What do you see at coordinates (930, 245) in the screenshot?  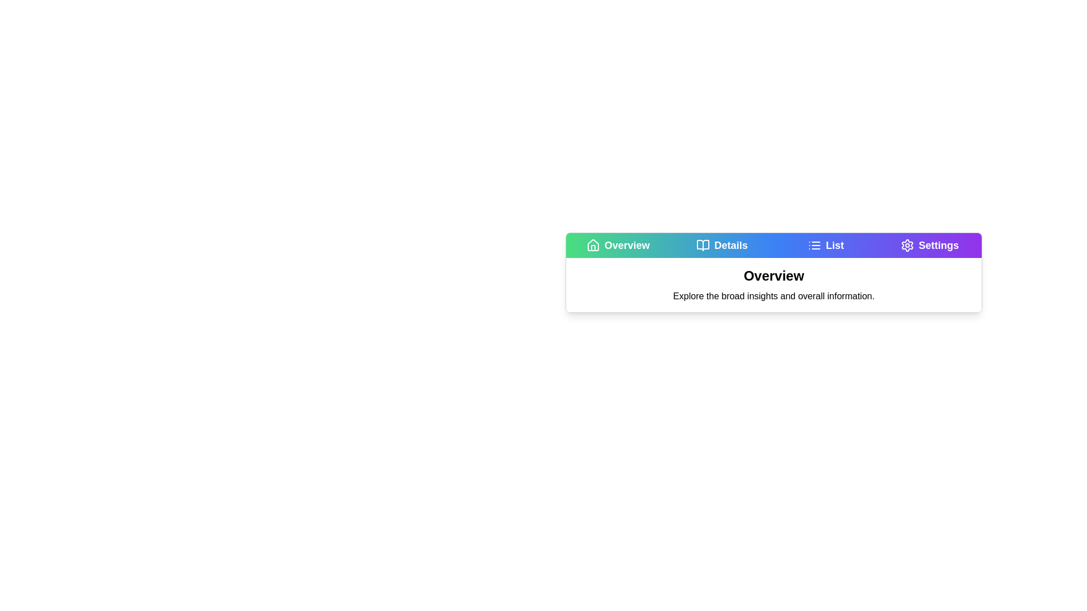 I see `the settings button` at bounding box center [930, 245].